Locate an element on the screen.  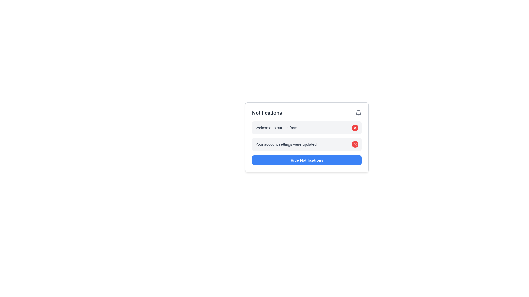
the dismiss button of the notification box that shows the message 'Your account settings were updated.' is located at coordinates (306, 144).